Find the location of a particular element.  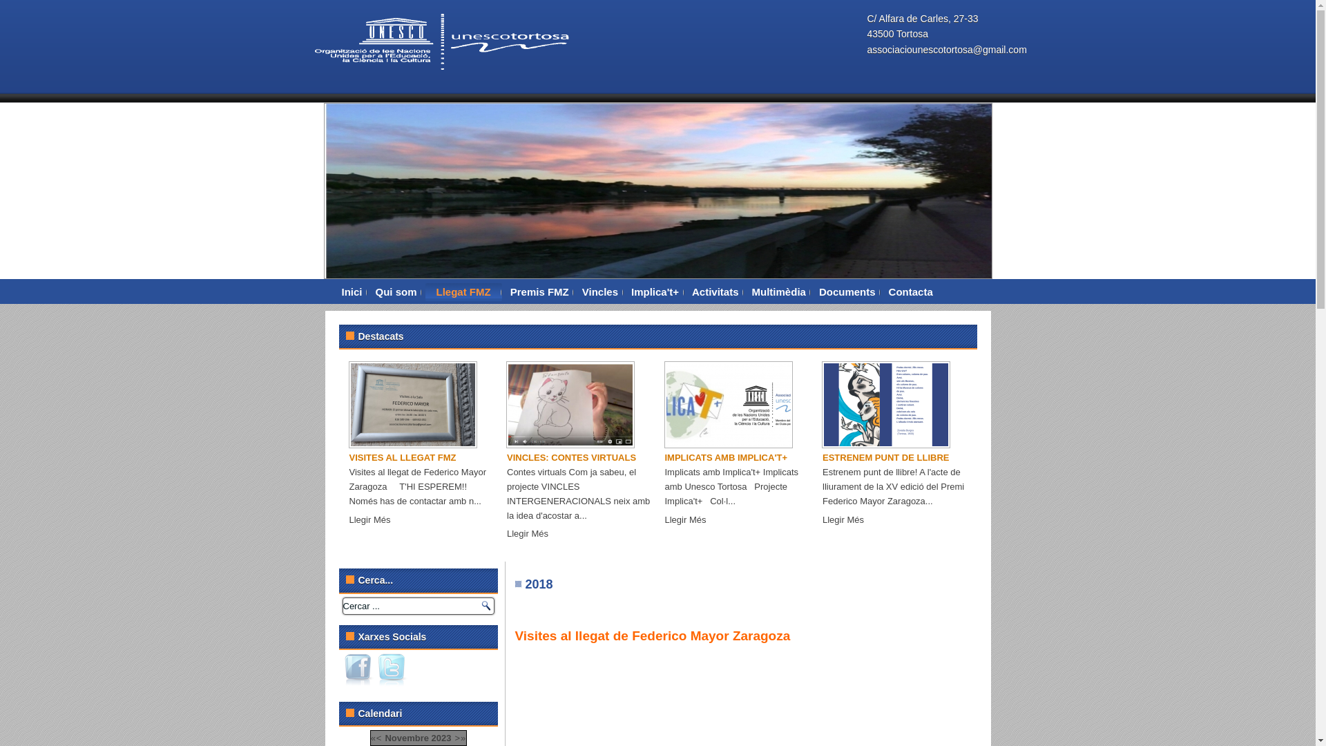

'Premis FMZ' is located at coordinates (539, 291).